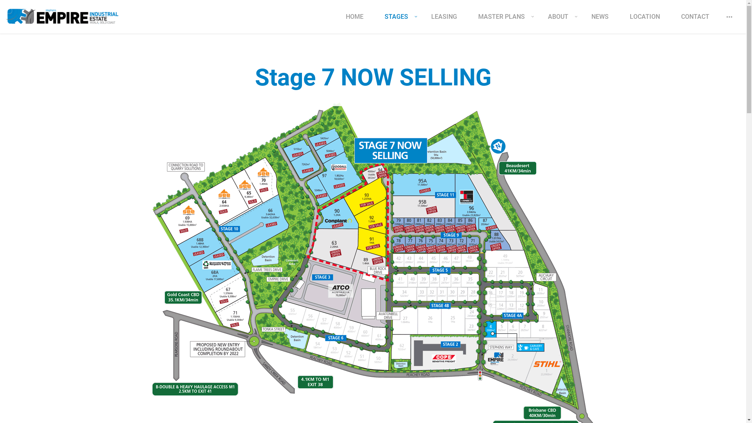  What do you see at coordinates (559, 22) in the screenshot?
I see `'ABOUT'` at bounding box center [559, 22].